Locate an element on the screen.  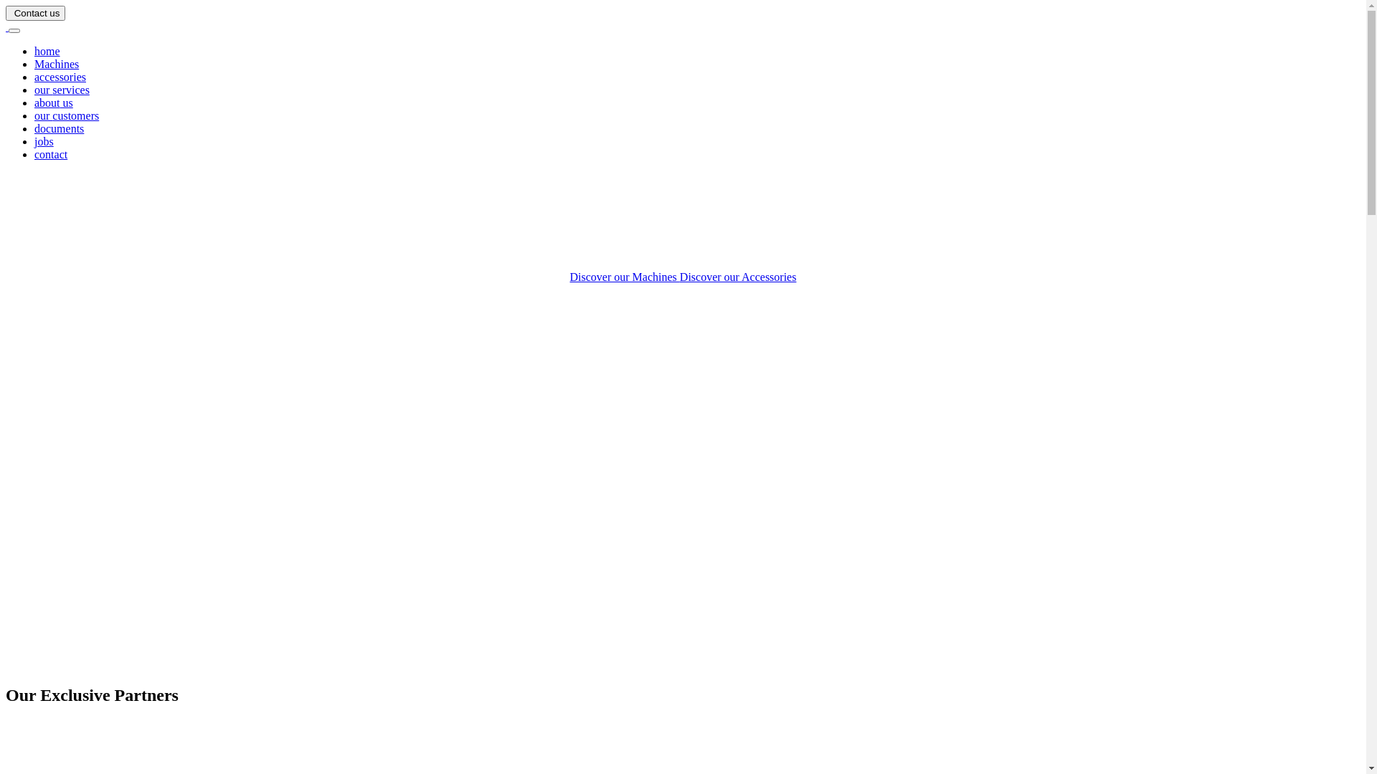
'Discover our Machines' is located at coordinates (625, 277).